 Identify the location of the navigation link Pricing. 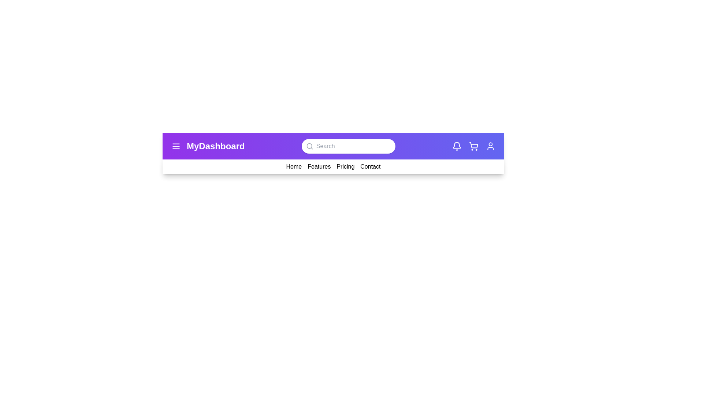
(345, 166).